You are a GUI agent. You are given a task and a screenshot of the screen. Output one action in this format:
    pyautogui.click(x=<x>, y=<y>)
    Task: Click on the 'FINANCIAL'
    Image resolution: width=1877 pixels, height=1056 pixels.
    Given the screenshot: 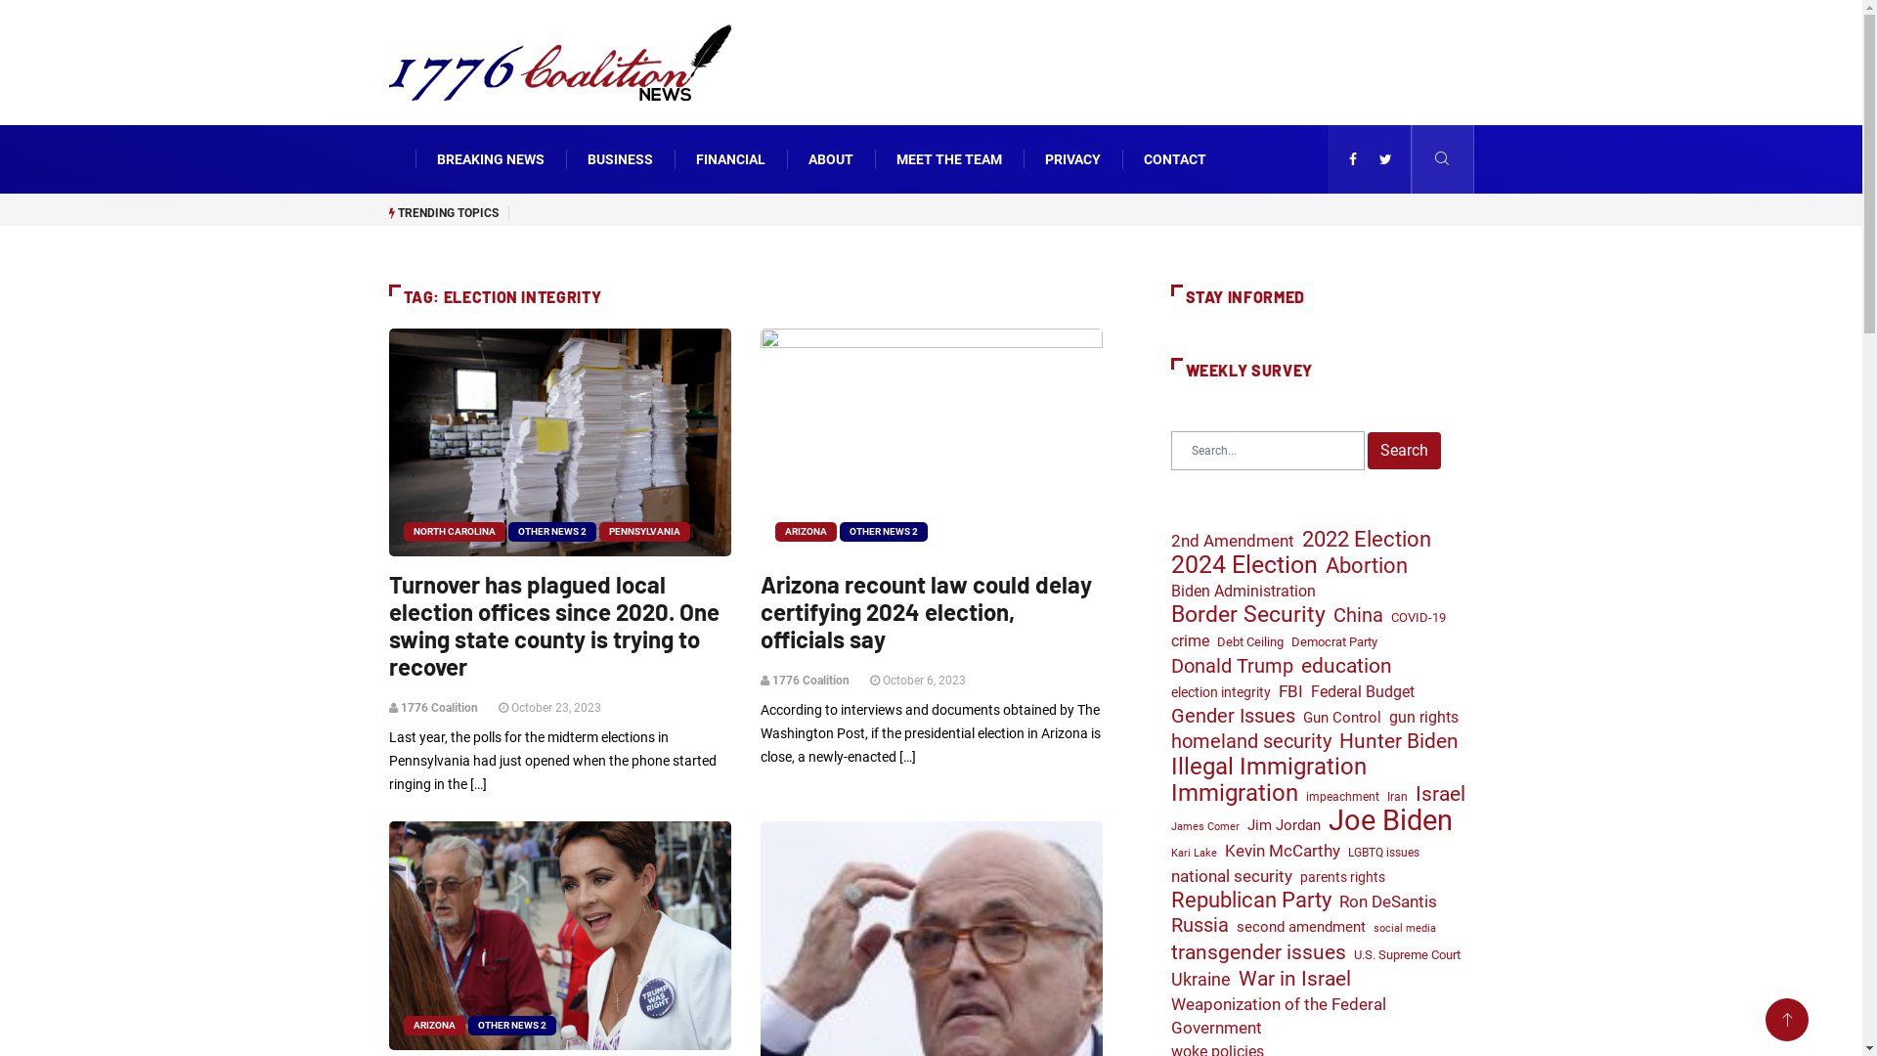 What is the action you would take?
    pyautogui.click(x=729, y=157)
    